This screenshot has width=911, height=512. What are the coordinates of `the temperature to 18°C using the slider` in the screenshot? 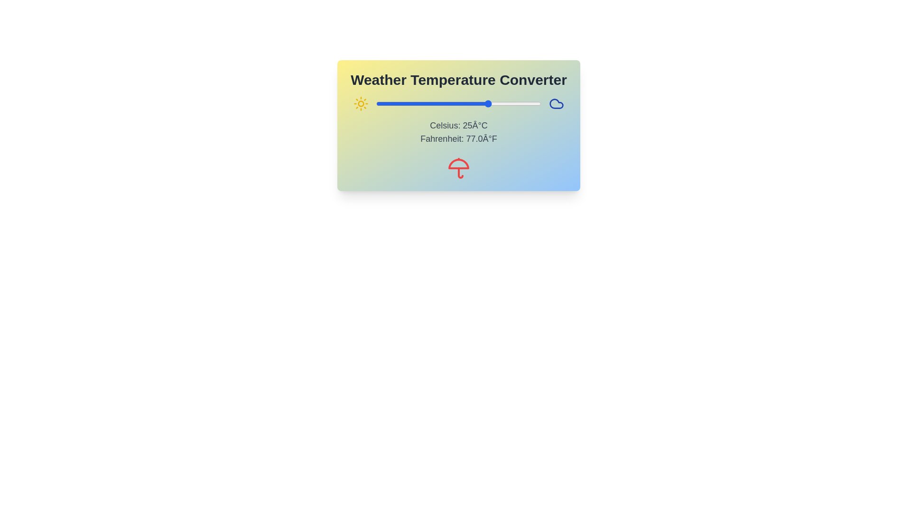 It's located at (475, 104).